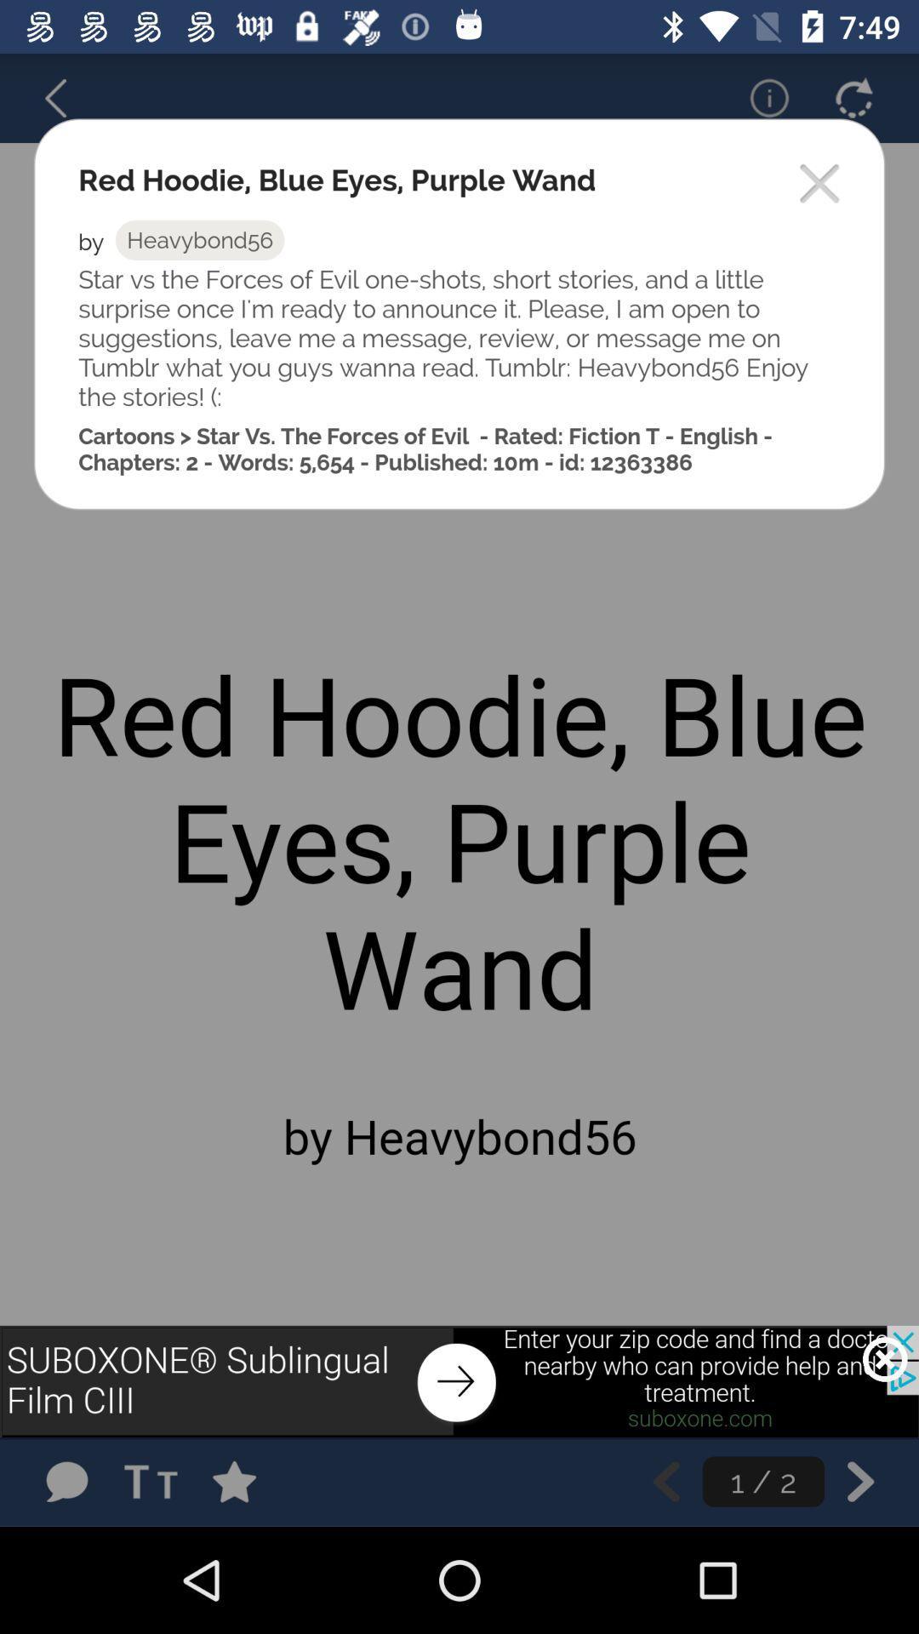 Image resolution: width=919 pixels, height=1634 pixels. Describe the element at coordinates (66, 97) in the screenshot. I see `go back` at that location.